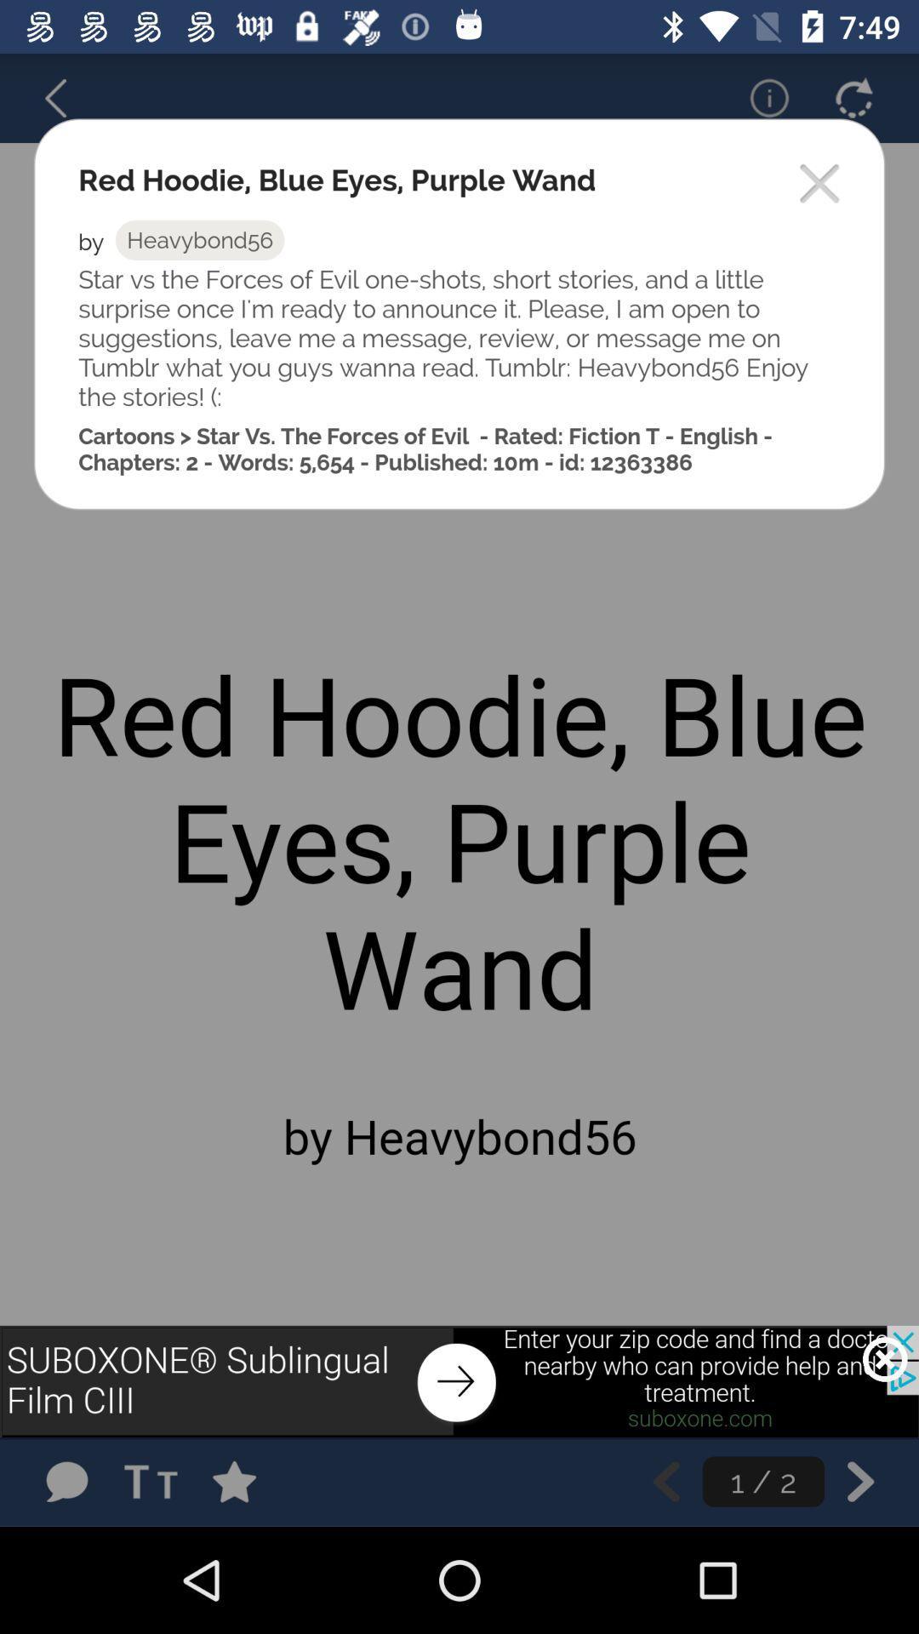 Image resolution: width=919 pixels, height=1634 pixels. Describe the element at coordinates (66, 97) in the screenshot. I see `go back` at that location.